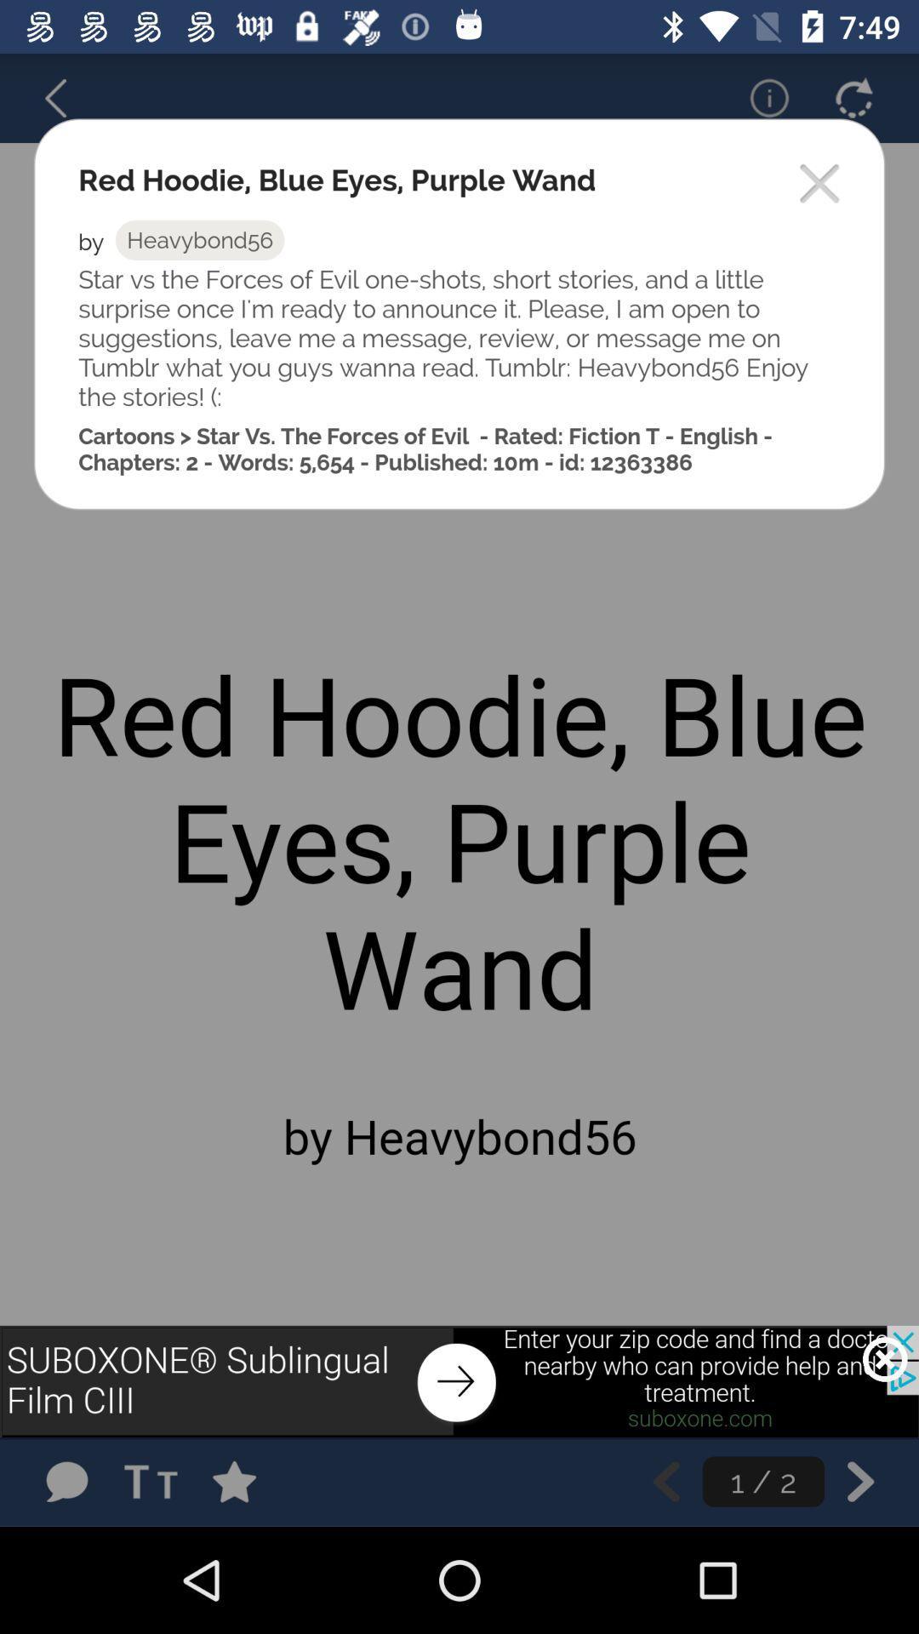 Image resolution: width=919 pixels, height=1634 pixels. Describe the element at coordinates (66, 97) in the screenshot. I see `go back` at that location.